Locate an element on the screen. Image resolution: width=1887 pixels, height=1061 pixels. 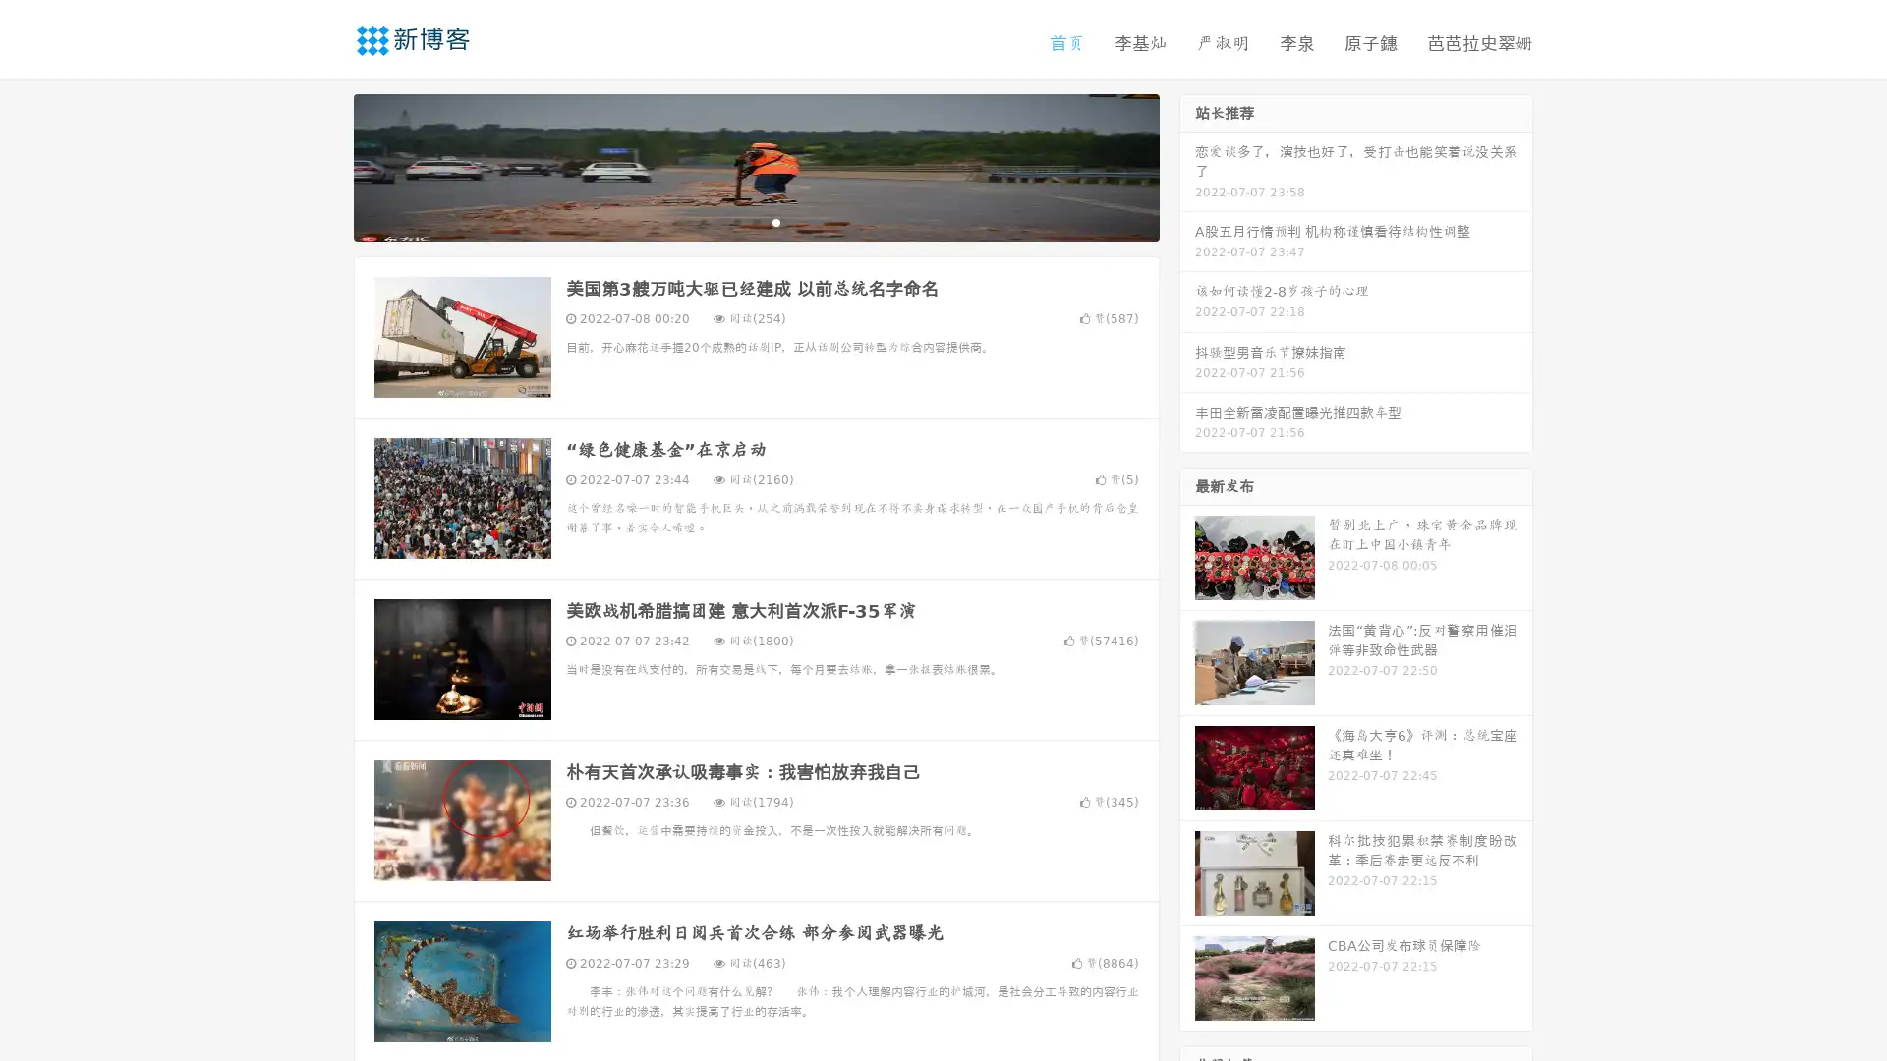
Go to slide 1 is located at coordinates (735, 221).